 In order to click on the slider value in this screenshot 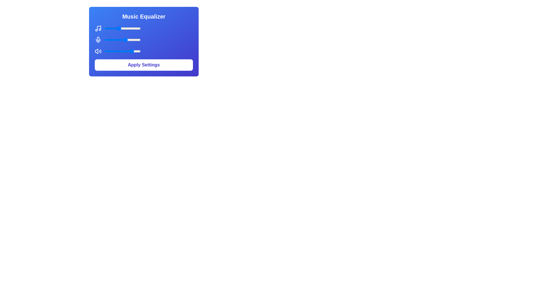, I will do `click(109, 51)`.